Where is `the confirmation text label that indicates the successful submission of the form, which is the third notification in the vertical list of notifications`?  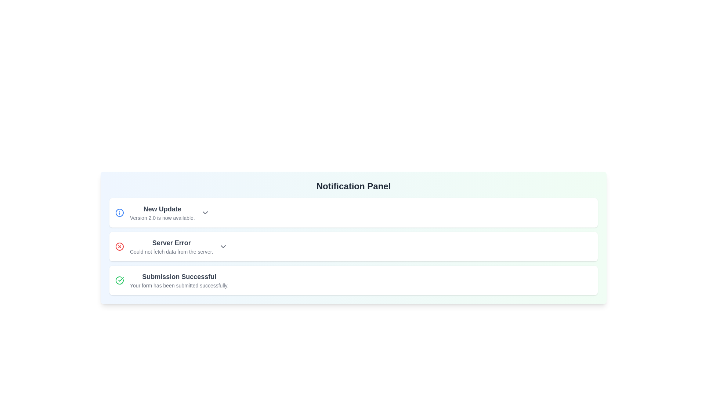
the confirmation text label that indicates the successful submission of the form, which is the third notification in the vertical list of notifications is located at coordinates (179, 280).